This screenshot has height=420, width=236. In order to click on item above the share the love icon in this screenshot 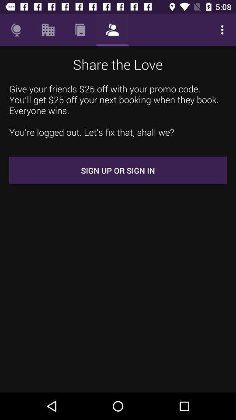, I will do `click(80, 30)`.